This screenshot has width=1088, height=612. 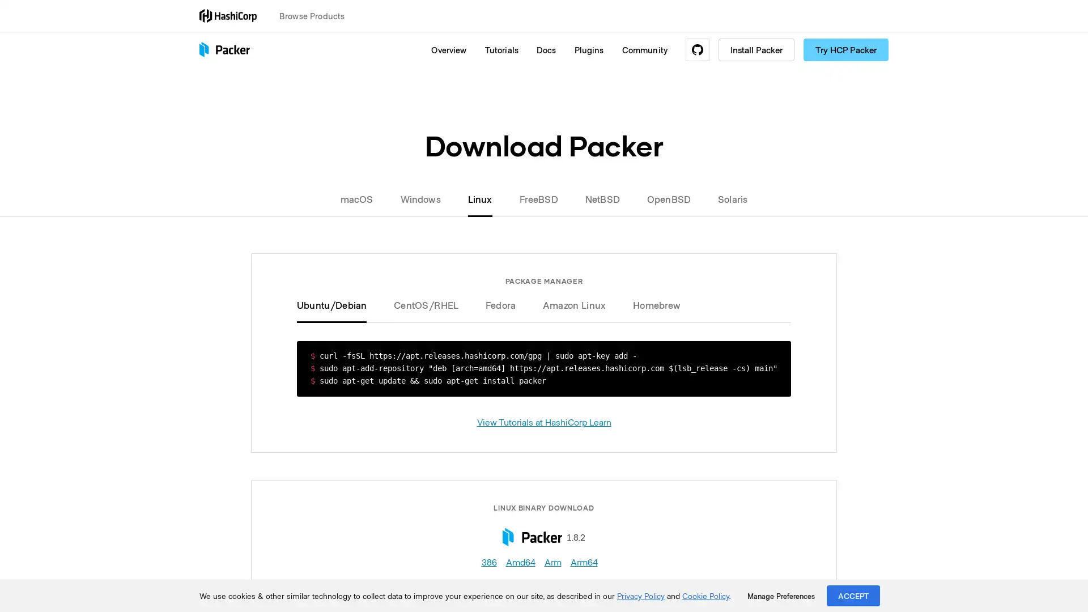 I want to click on CentOS/RHEL, so click(x=426, y=304).